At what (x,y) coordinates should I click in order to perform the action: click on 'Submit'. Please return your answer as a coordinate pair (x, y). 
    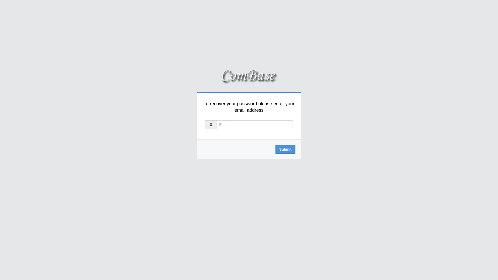
    Looking at the image, I should click on (285, 149).